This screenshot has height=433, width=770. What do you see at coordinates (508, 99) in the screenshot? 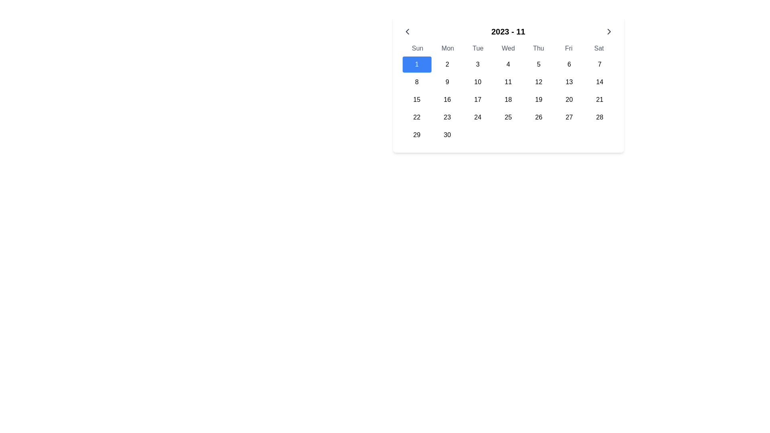
I see `the clickable date button representing the date '18' in the calendar view` at bounding box center [508, 99].